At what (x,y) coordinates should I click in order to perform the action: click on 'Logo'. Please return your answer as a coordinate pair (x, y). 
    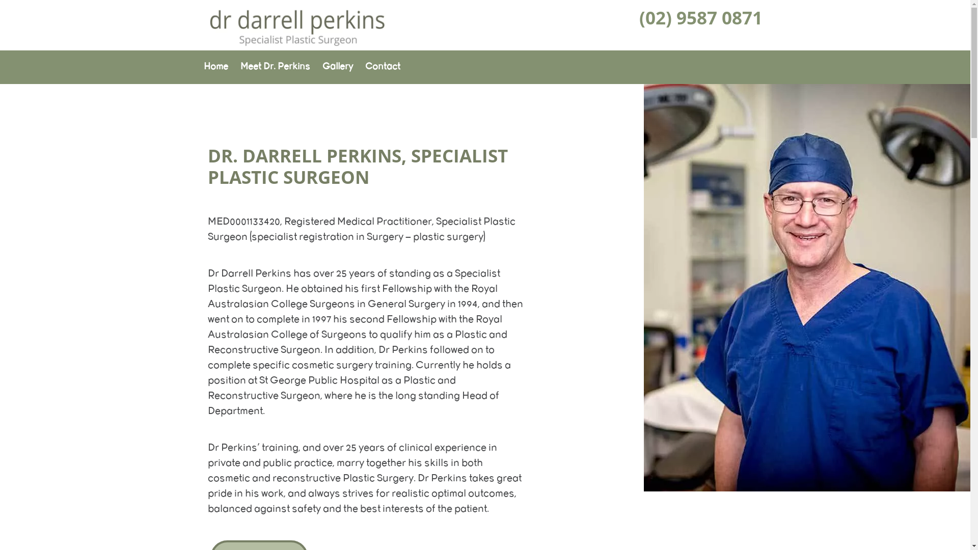
    Looking at the image, I should click on (296, 44).